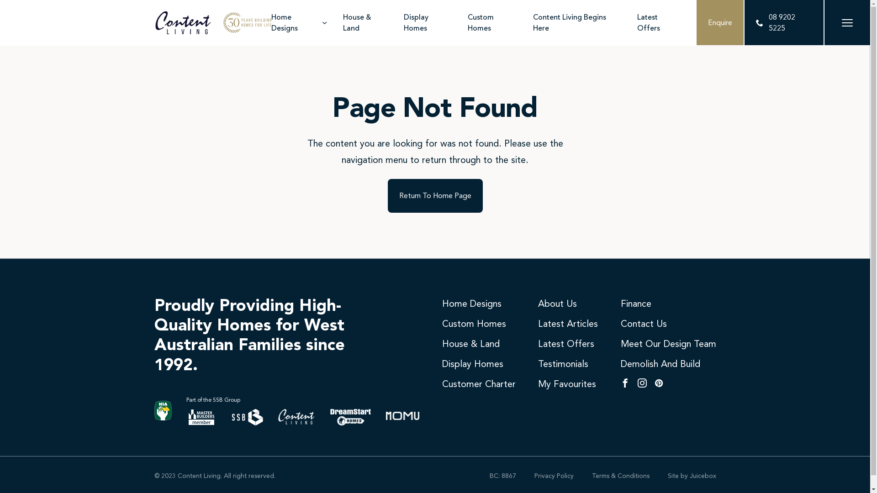  I want to click on 'Finance', so click(635, 303).